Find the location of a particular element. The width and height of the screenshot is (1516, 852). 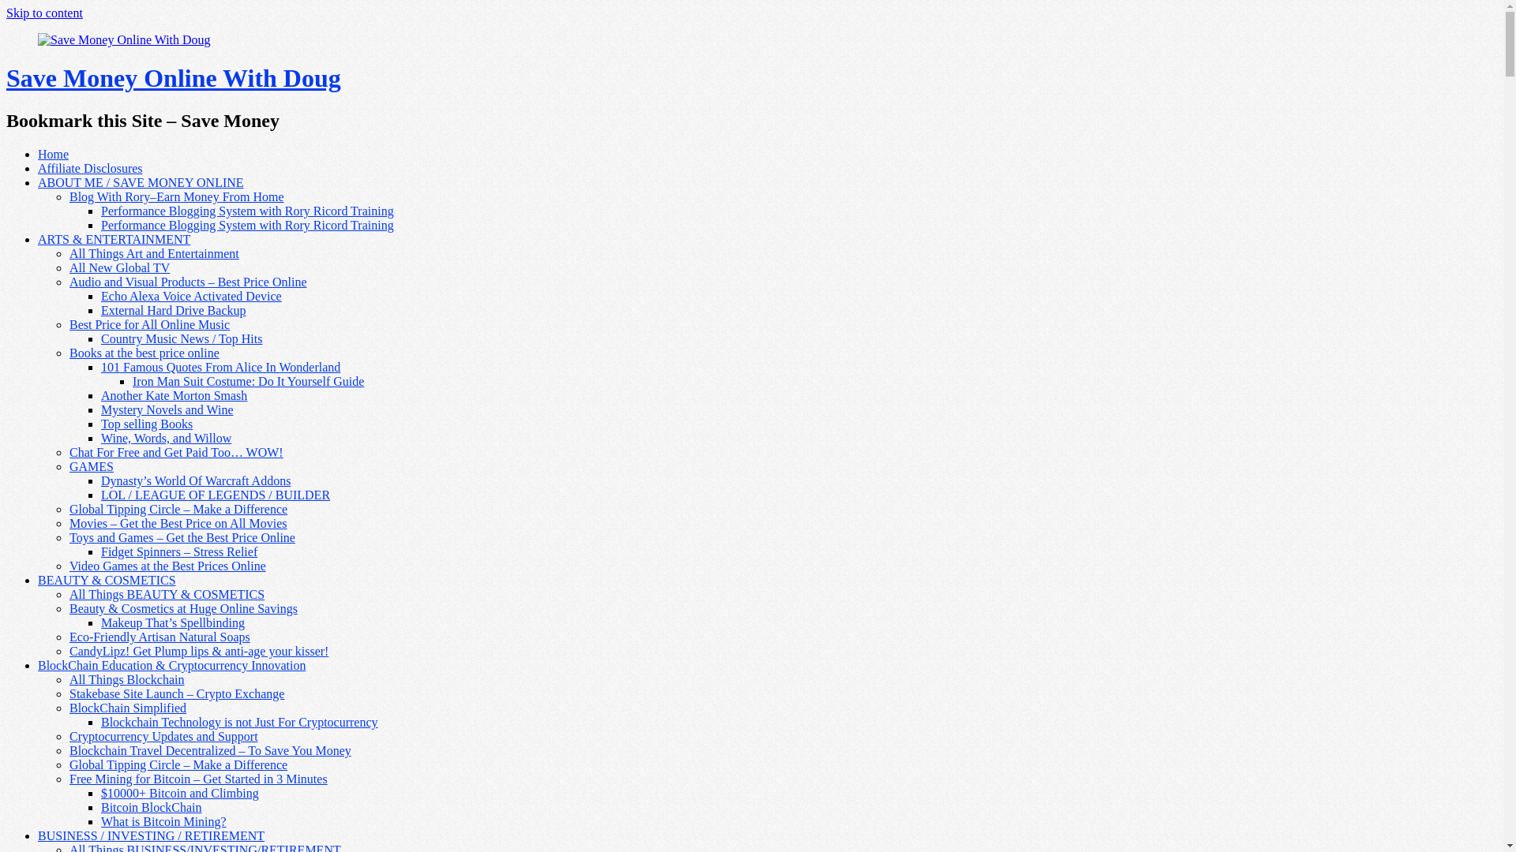

'External Hard Drive Backup' is located at coordinates (173, 310).